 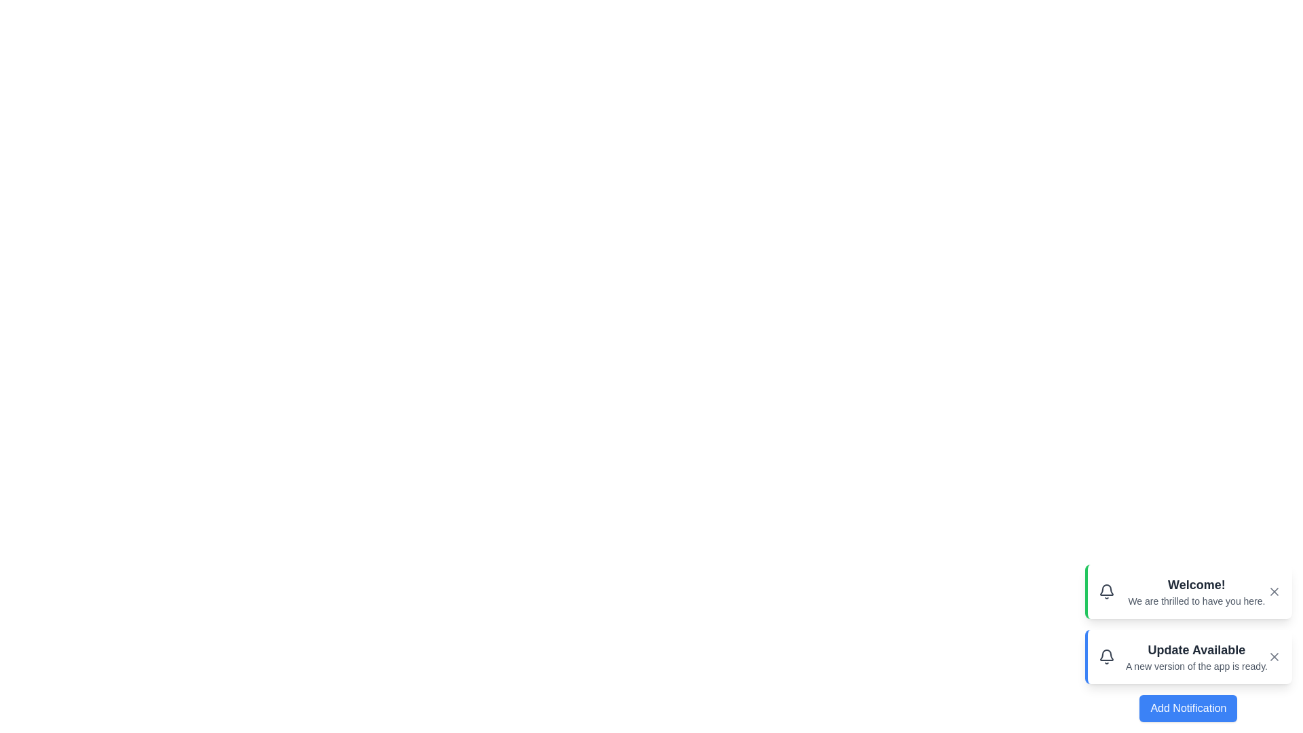 What do you see at coordinates (1106, 590) in the screenshot?
I see `the notification icon to interact with it` at bounding box center [1106, 590].